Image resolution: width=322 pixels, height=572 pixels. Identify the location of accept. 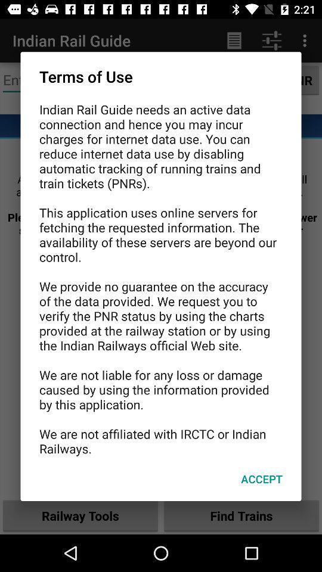
(261, 479).